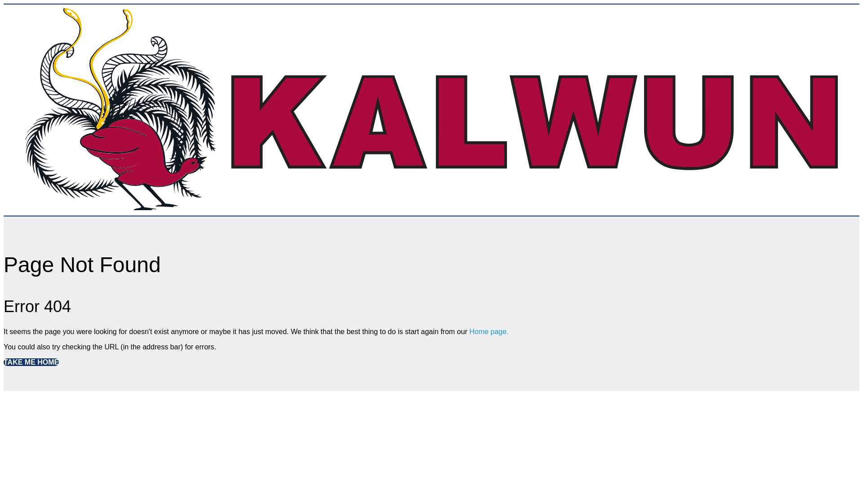  I want to click on 'TAKE ME HOME', so click(31, 362).